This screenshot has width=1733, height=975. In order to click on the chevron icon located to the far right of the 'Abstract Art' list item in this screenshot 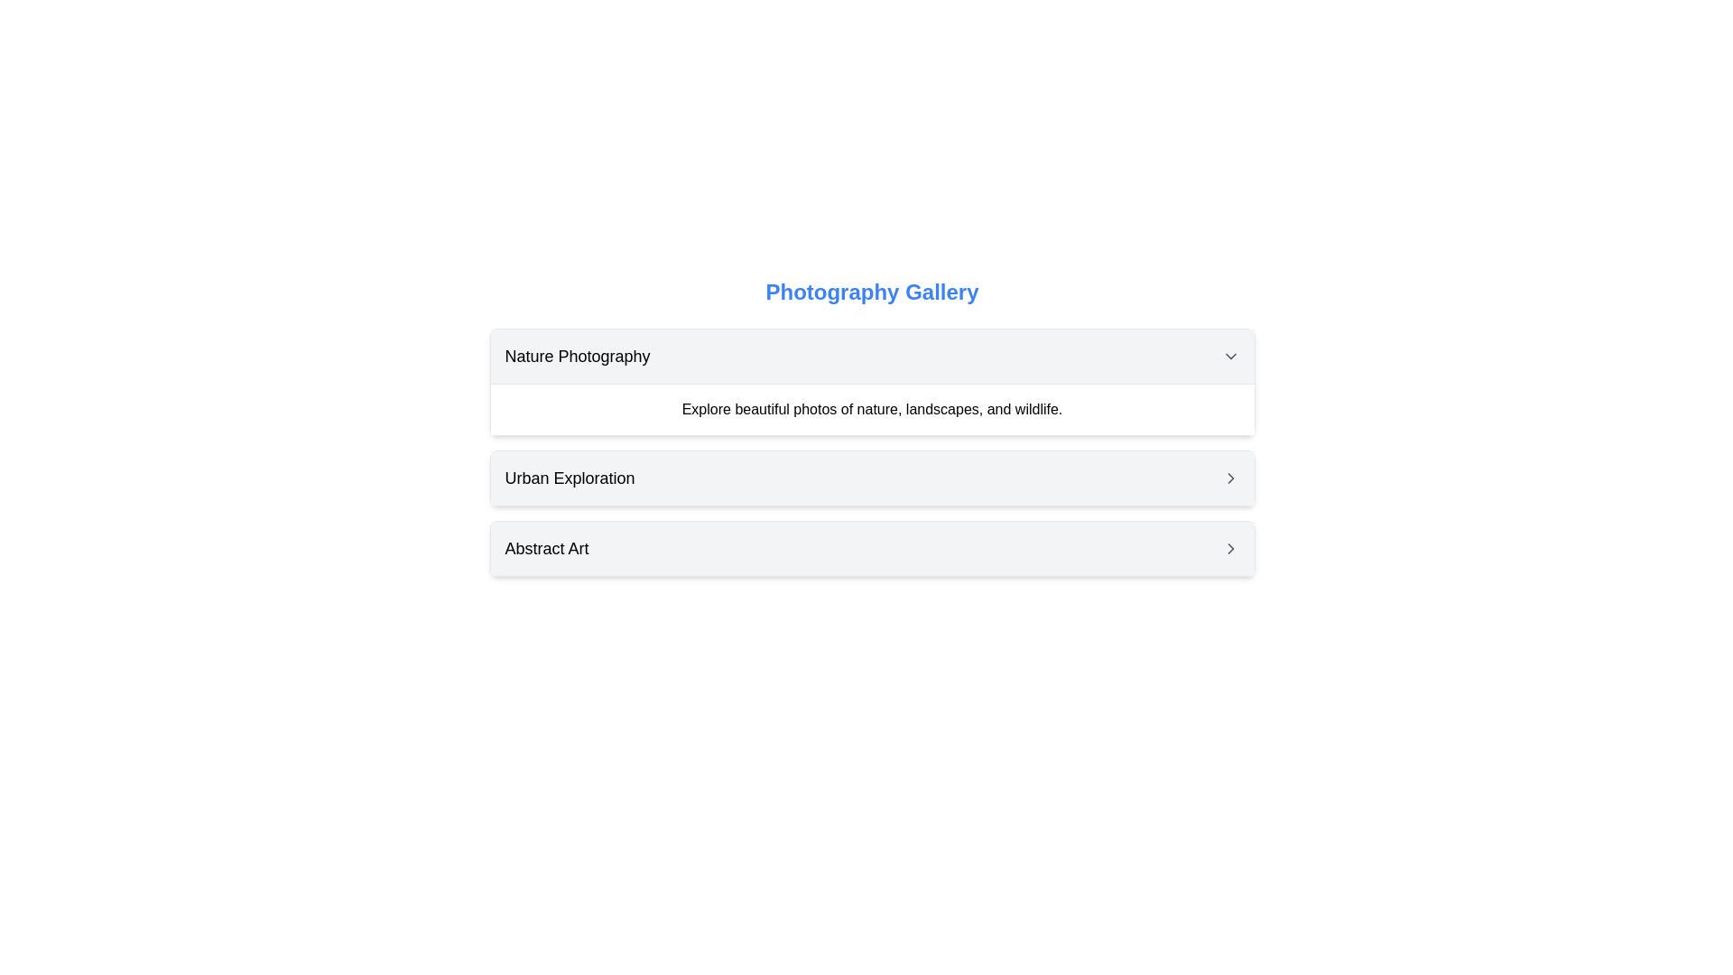, I will do `click(1229, 548)`.